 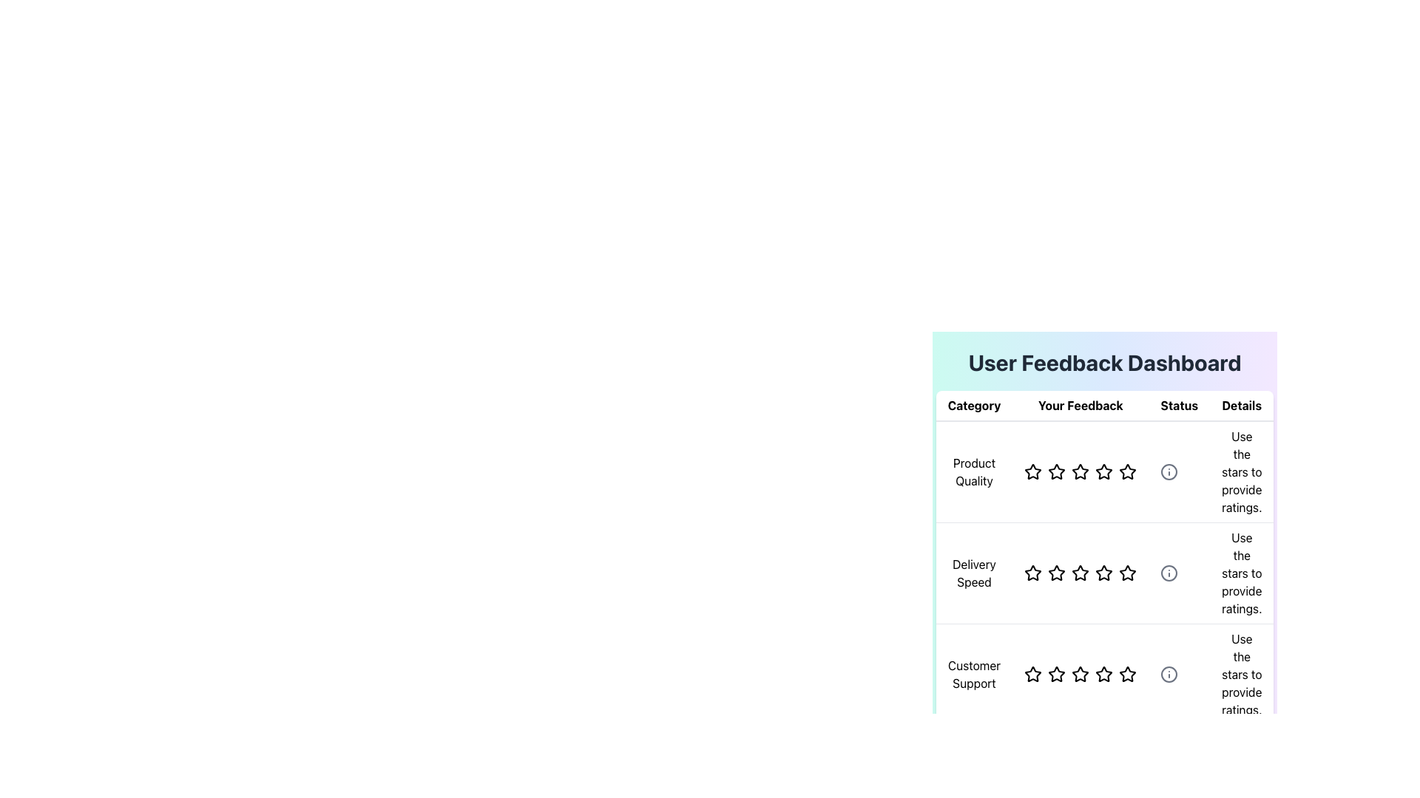 What do you see at coordinates (1178, 406) in the screenshot?
I see `the static text label in the third column of the table header, which indicates the status information for the content below` at bounding box center [1178, 406].